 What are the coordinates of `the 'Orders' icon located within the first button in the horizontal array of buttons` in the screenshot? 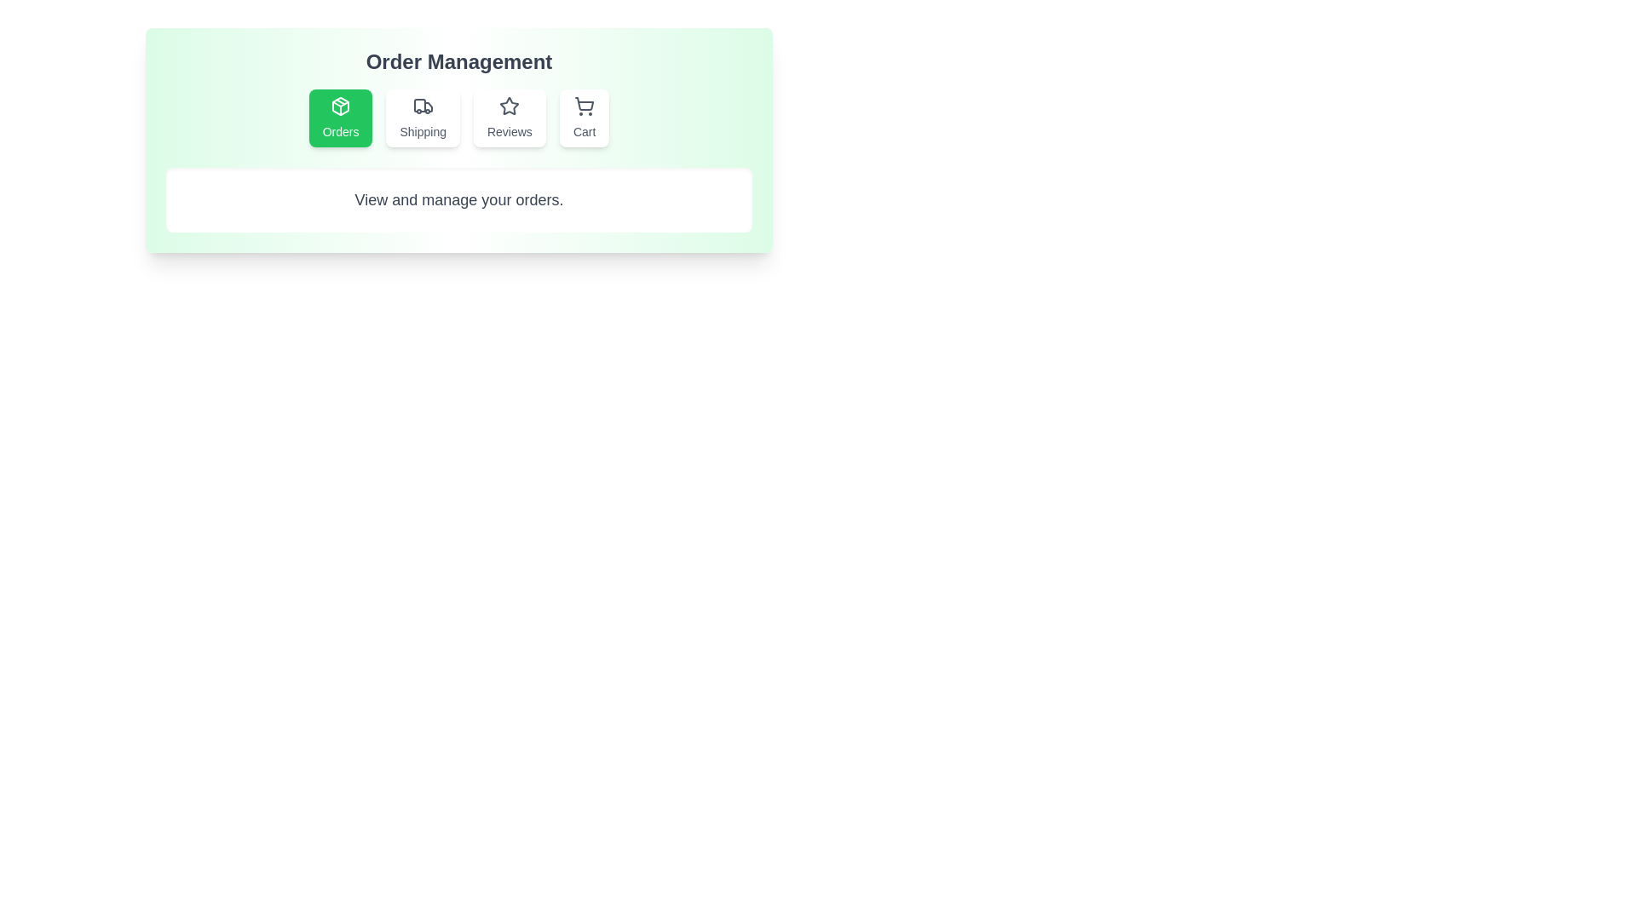 It's located at (341, 106).